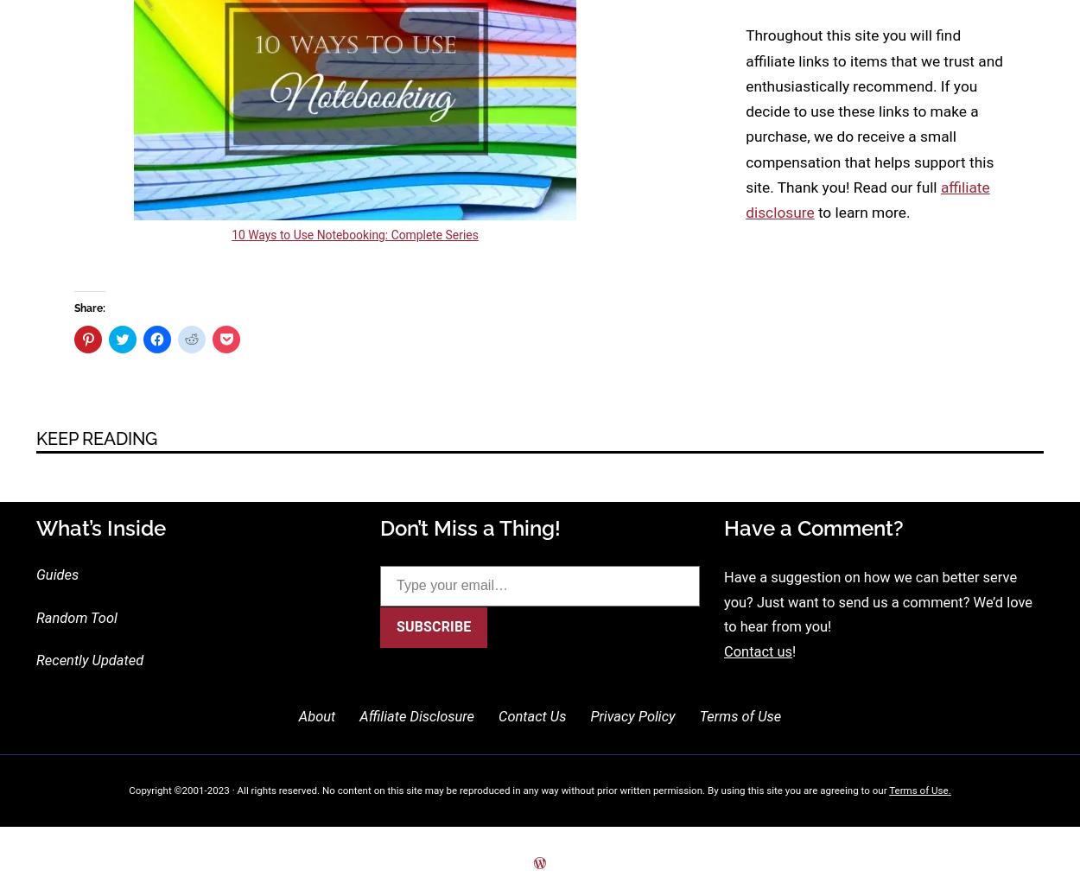 Image resolution: width=1080 pixels, height=889 pixels. What do you see at coordinates (794, 651) in the screenshot?
I see `'!'` at bounding box center [794, 651].